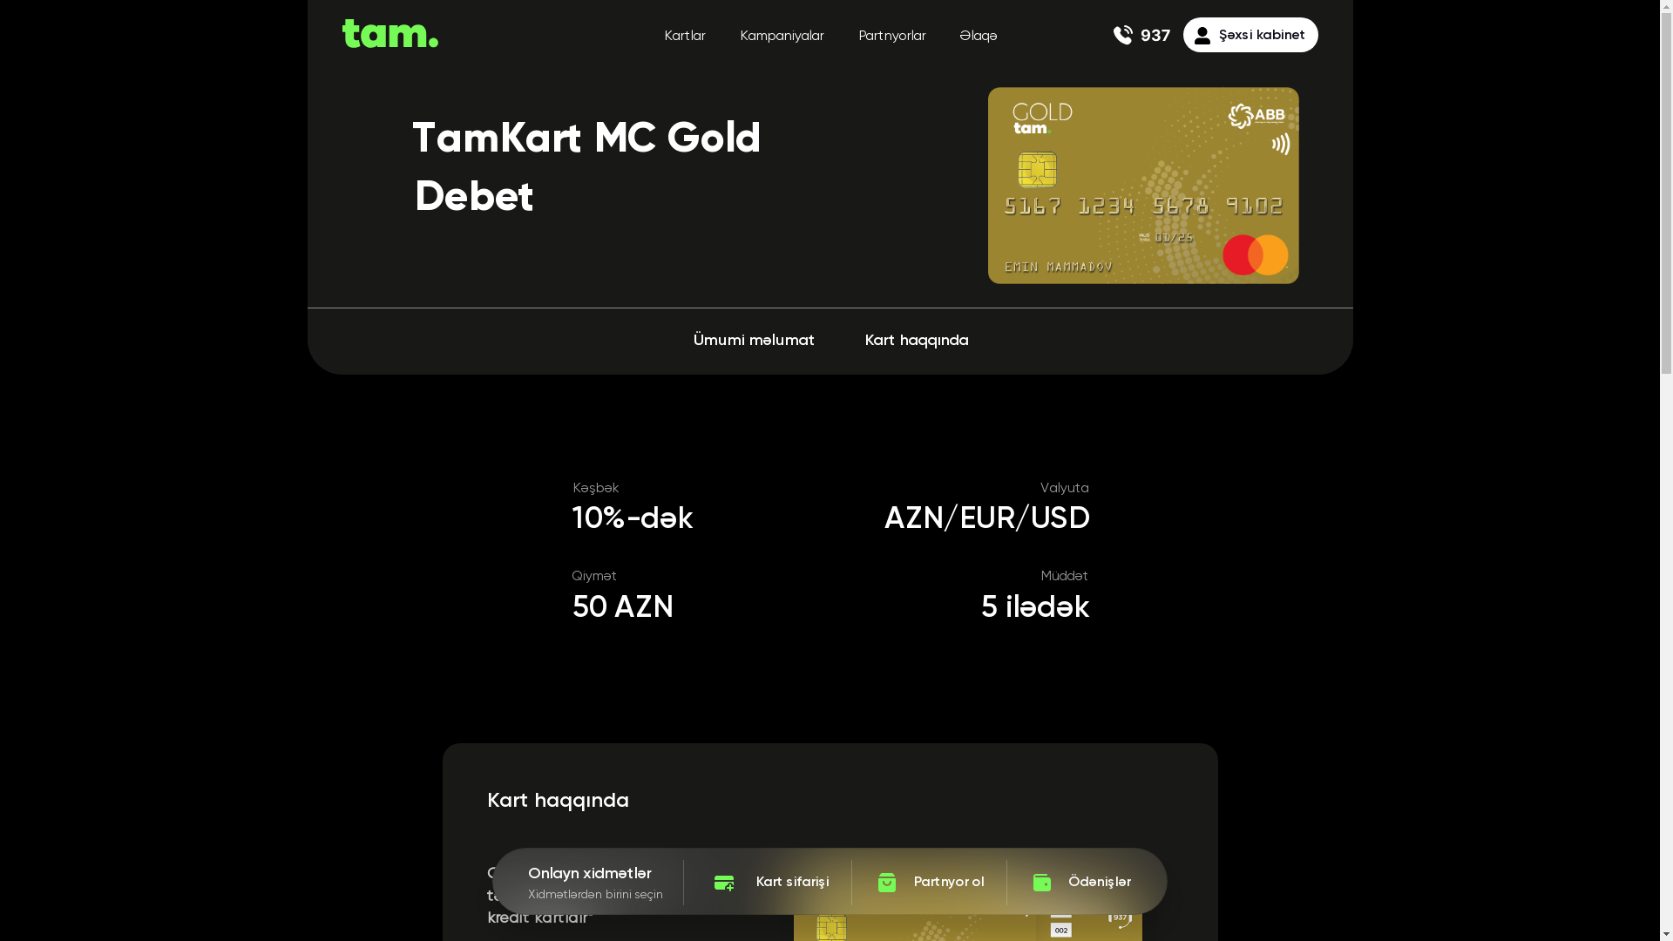  What do you see at coordinates (780, 37) in the screenshot?
I see `'Kampaniyalar'` at bounding box center [780, 37].